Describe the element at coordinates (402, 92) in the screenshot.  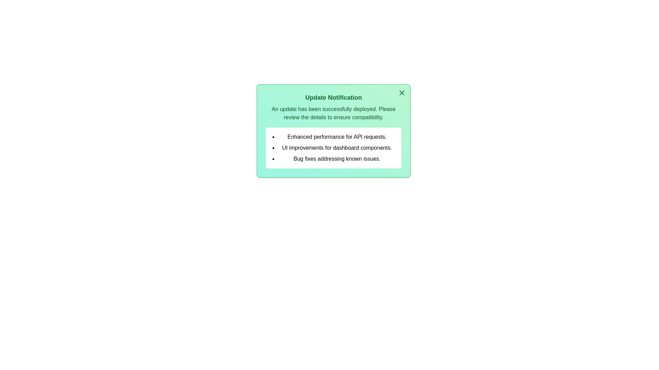
I see `the close button to dismiss the alert panel` at that location.